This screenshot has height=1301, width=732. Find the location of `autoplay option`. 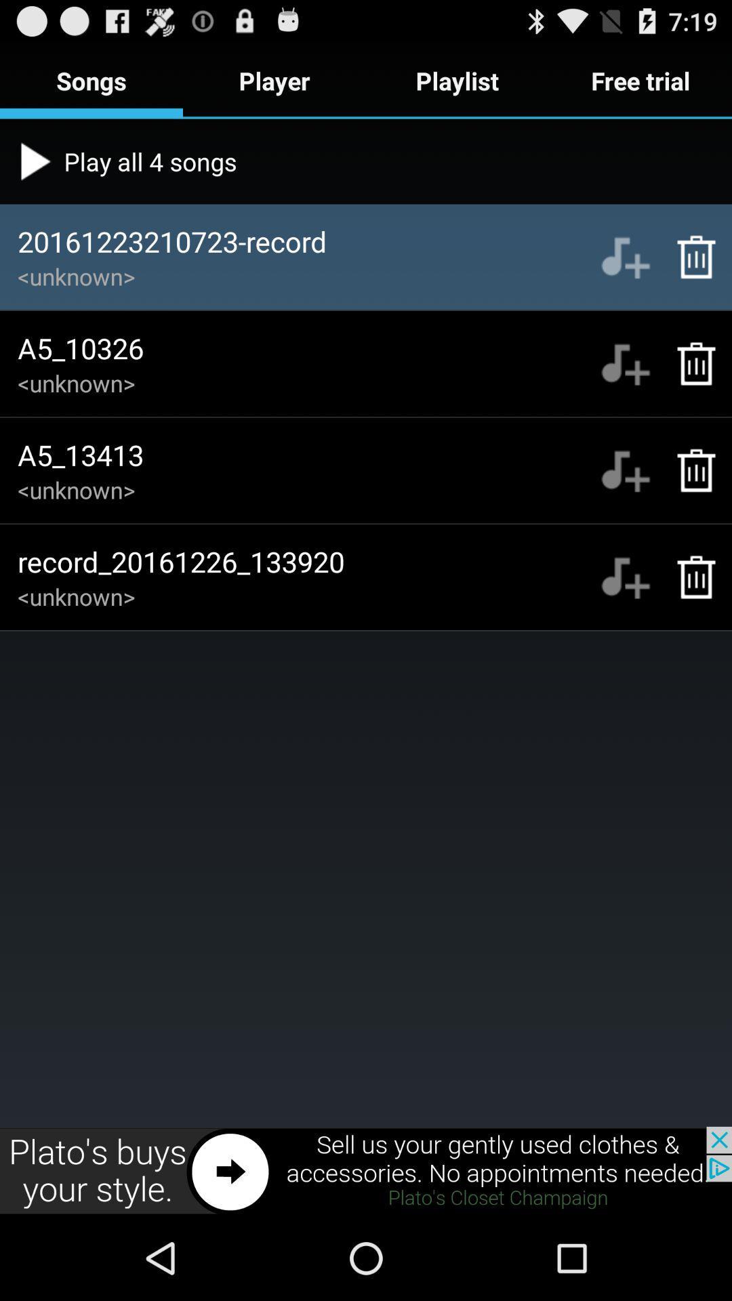

autoplay option is located at coordinates (625, 364).